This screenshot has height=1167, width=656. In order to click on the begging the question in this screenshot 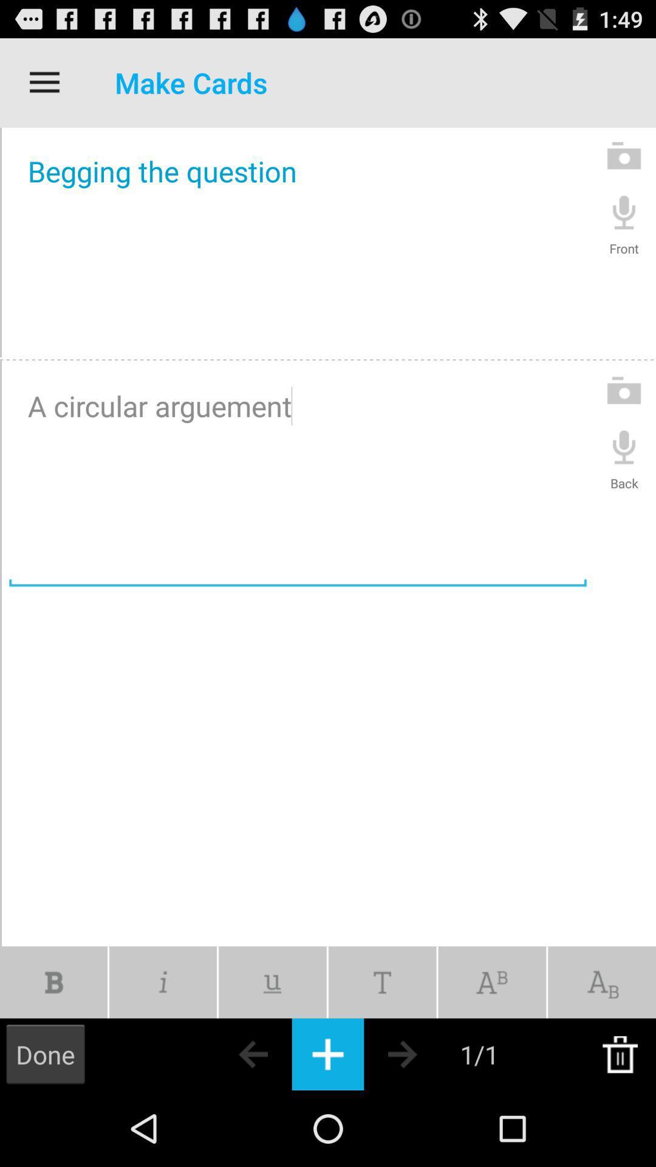, I will do `click(298, 242)`.